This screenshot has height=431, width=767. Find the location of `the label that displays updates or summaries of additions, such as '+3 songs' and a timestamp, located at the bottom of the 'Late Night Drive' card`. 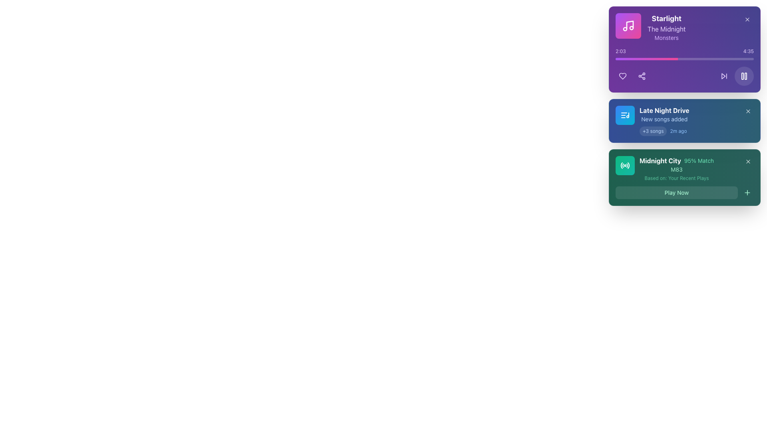

the label that displays updates or summaries of additions, such as '+3 songs' and a timestamp, located at the bottom of the 'Late Night Drive' card is located at coordinates (664, 130).